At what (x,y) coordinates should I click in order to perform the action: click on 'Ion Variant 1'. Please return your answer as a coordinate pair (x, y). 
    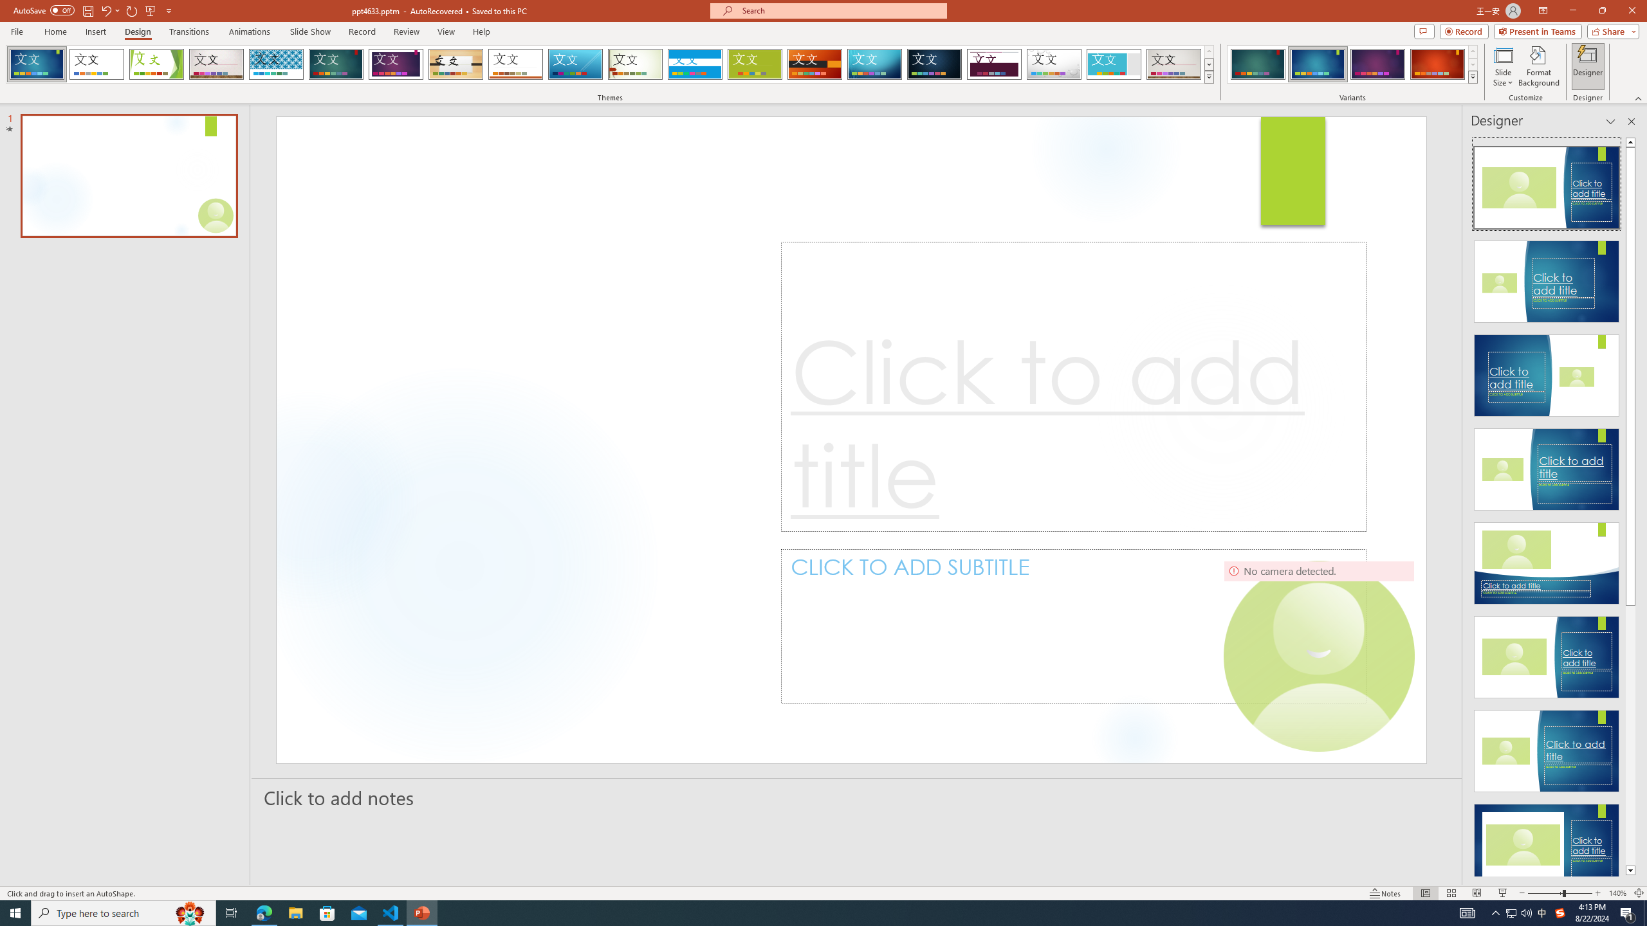
    Looking at the image, I should click on (1257, 64).